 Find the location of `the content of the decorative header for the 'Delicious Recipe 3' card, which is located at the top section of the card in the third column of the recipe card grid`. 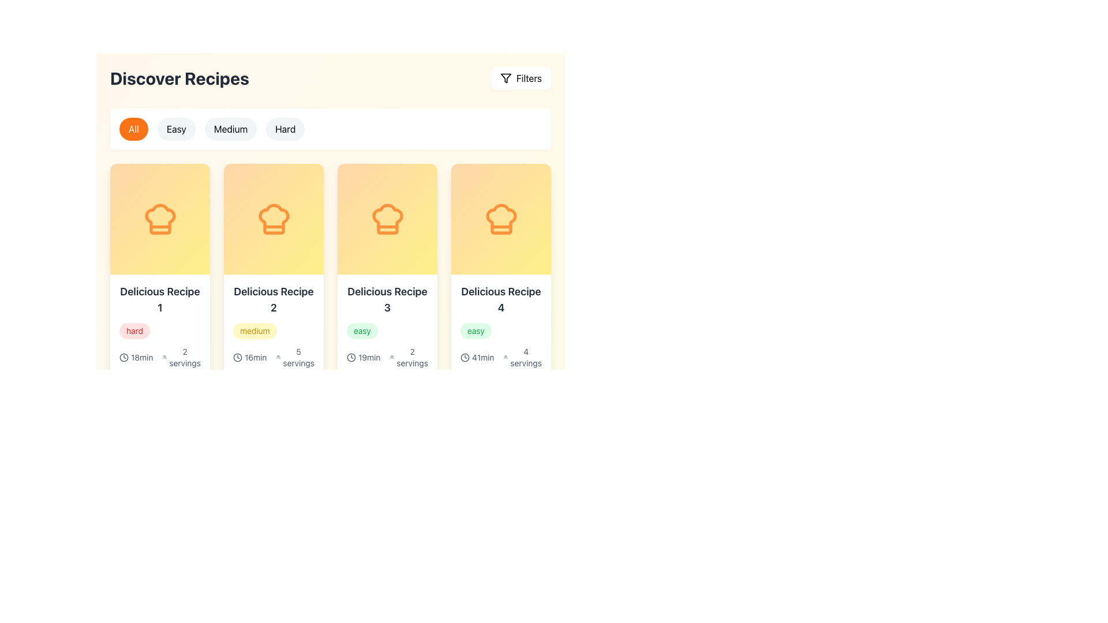

the content of the decorative header for the 'Delicious Recipe 3' card, which is located at the top section of the card in the third column of the recipe card grid is located at coordinates (387, 219).